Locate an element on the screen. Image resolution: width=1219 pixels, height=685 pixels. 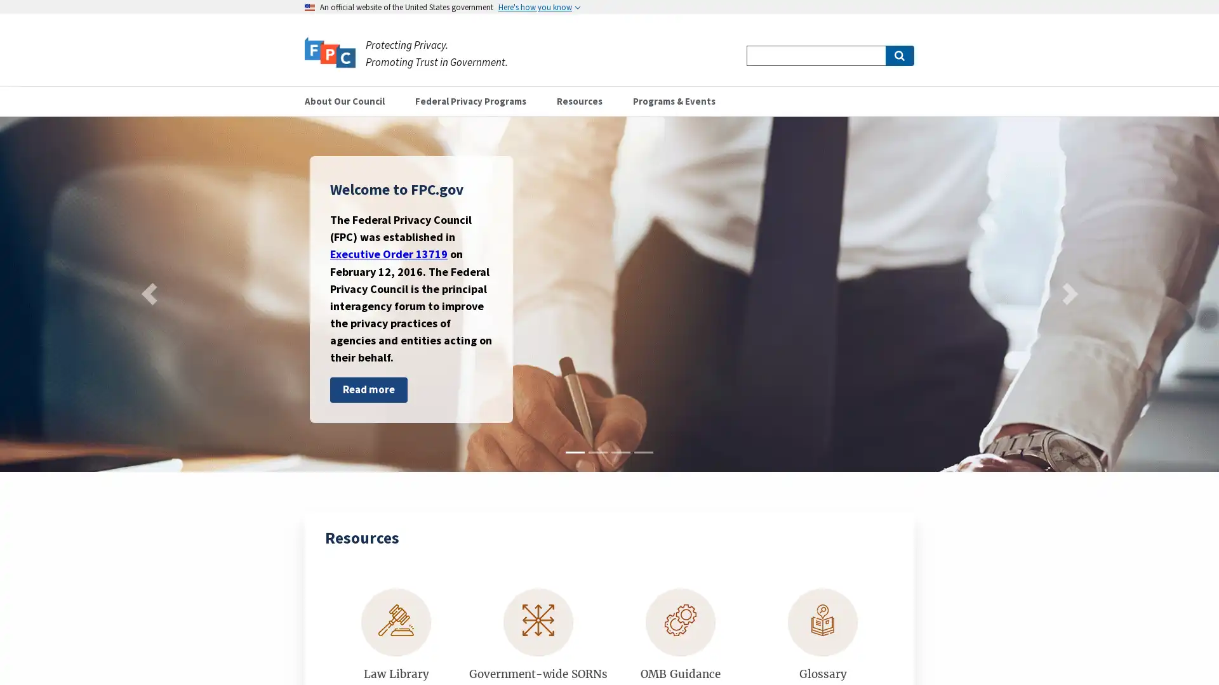
About Our Council is located at coordinates (350, 100).